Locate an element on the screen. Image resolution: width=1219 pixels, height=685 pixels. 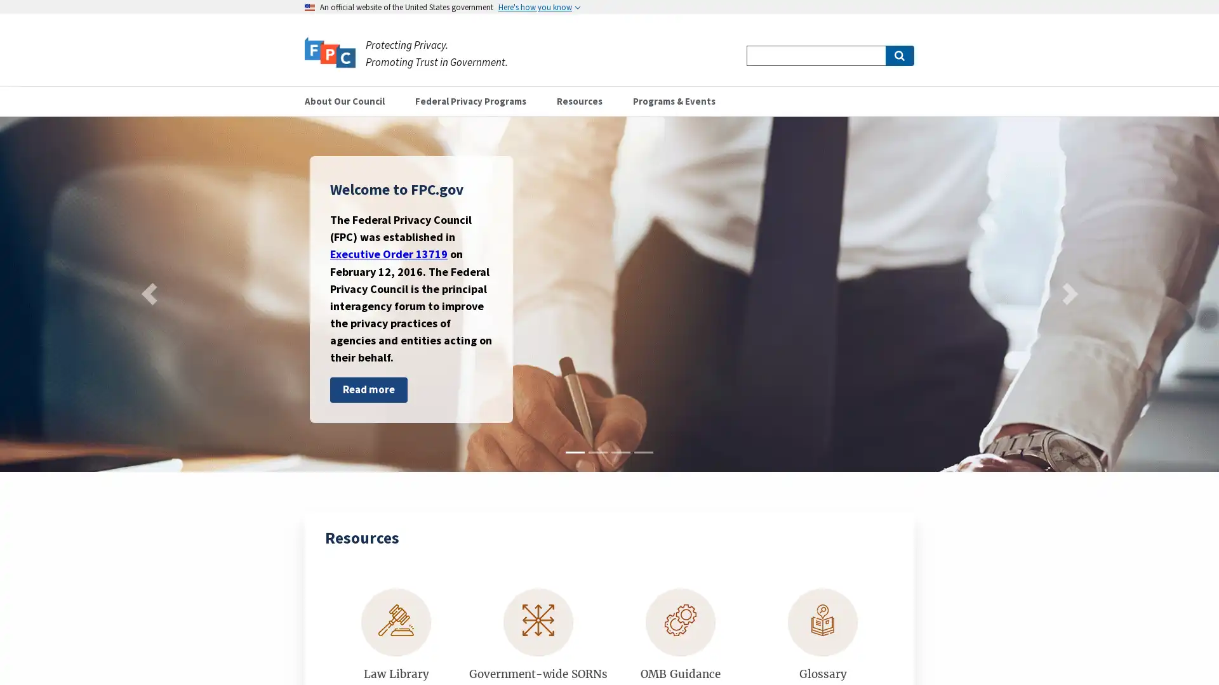
About Our Council is located at coordinates (350, 100).